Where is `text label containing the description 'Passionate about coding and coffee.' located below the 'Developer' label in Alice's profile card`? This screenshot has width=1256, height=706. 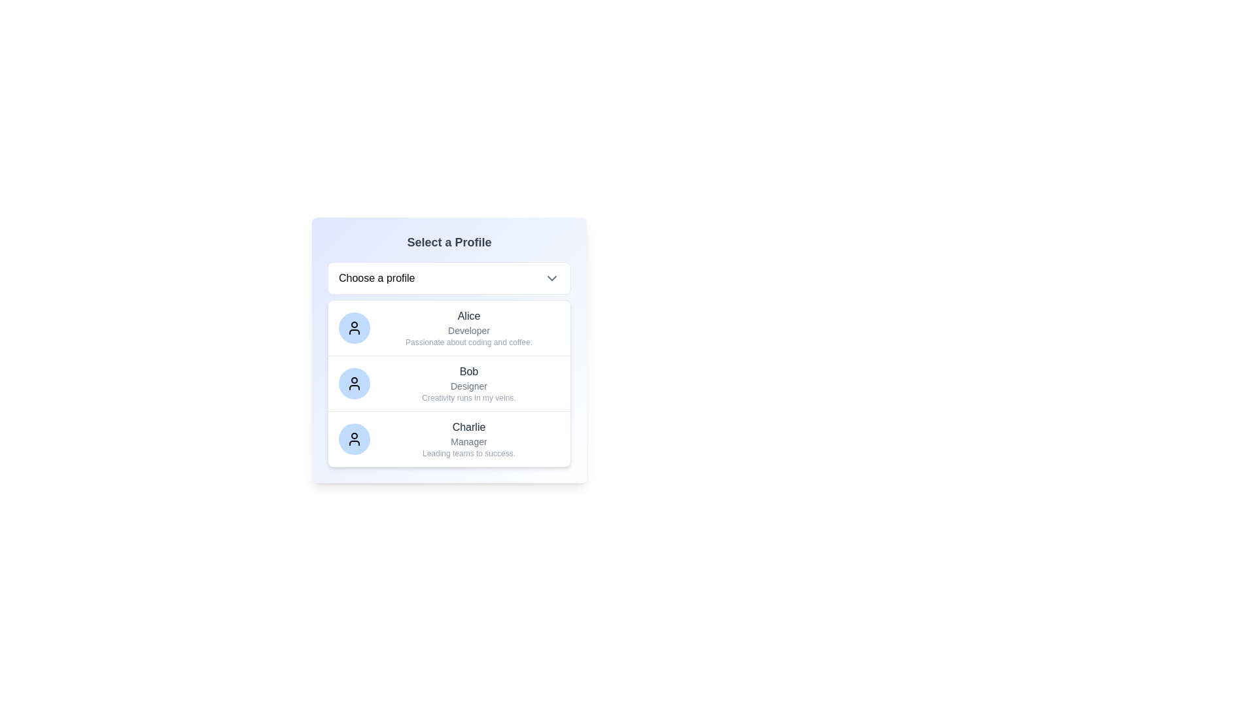 text label containing the description 'Passionate about coding and coffee.' located below the 'Developer' label in Alice's profile card is located at coordinates (468, 342).